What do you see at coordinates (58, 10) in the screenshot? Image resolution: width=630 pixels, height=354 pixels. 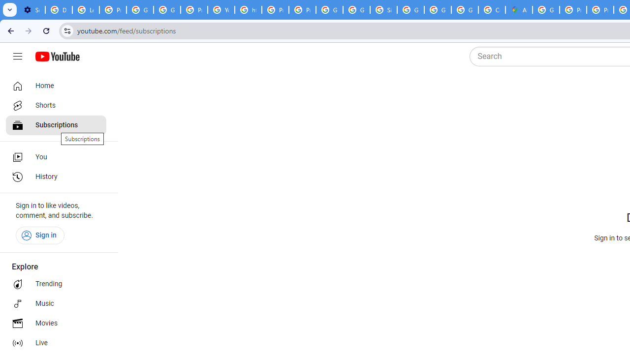 I see `'Delete photos & videos - Computer - Google Photos Help'` at bounding box center [58, 10].